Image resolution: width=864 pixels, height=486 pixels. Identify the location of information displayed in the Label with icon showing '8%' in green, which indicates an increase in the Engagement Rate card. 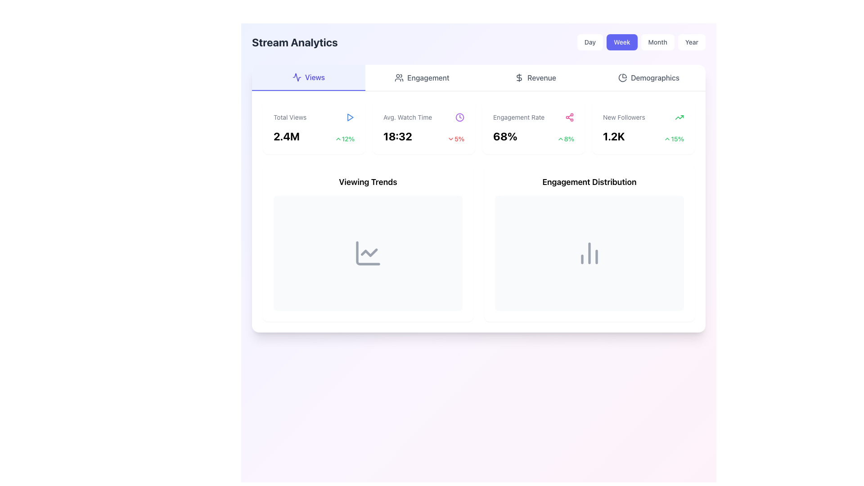
(565, 139).